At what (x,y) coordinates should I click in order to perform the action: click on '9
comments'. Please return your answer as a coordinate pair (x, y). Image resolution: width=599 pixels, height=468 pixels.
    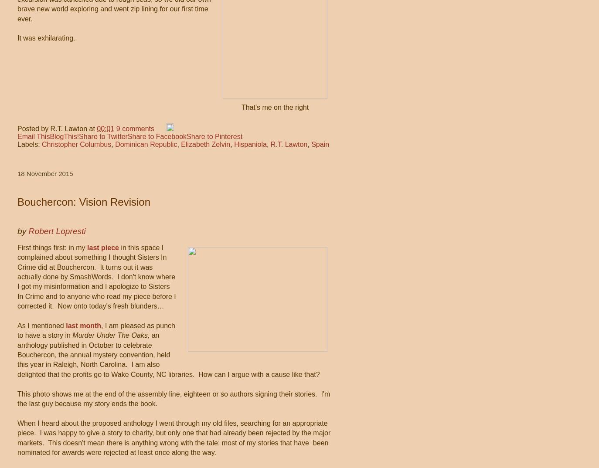
    Looking at the image, I should click on (134, 128).